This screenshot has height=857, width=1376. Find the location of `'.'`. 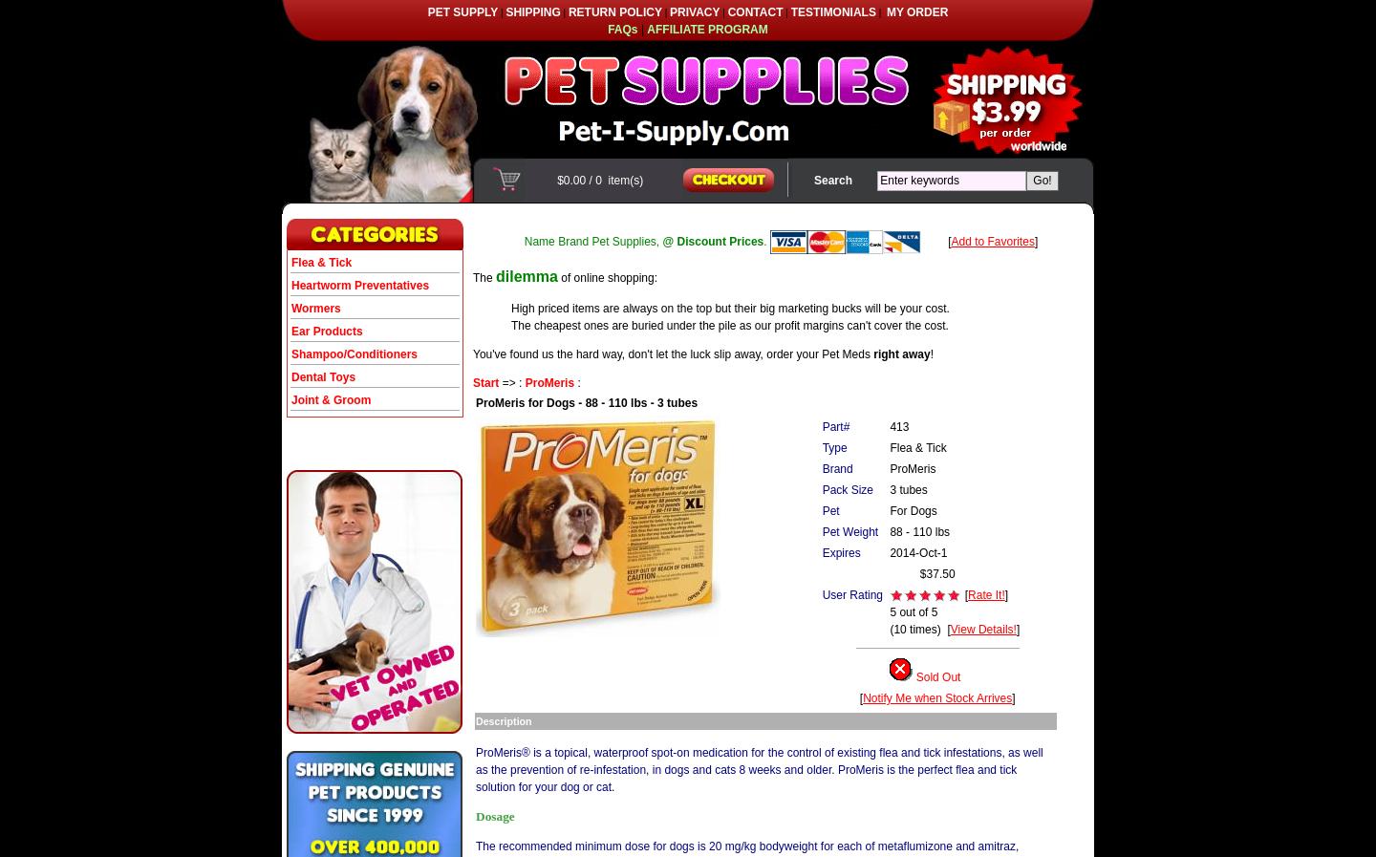

'.' is located at coordinates (764, 239).